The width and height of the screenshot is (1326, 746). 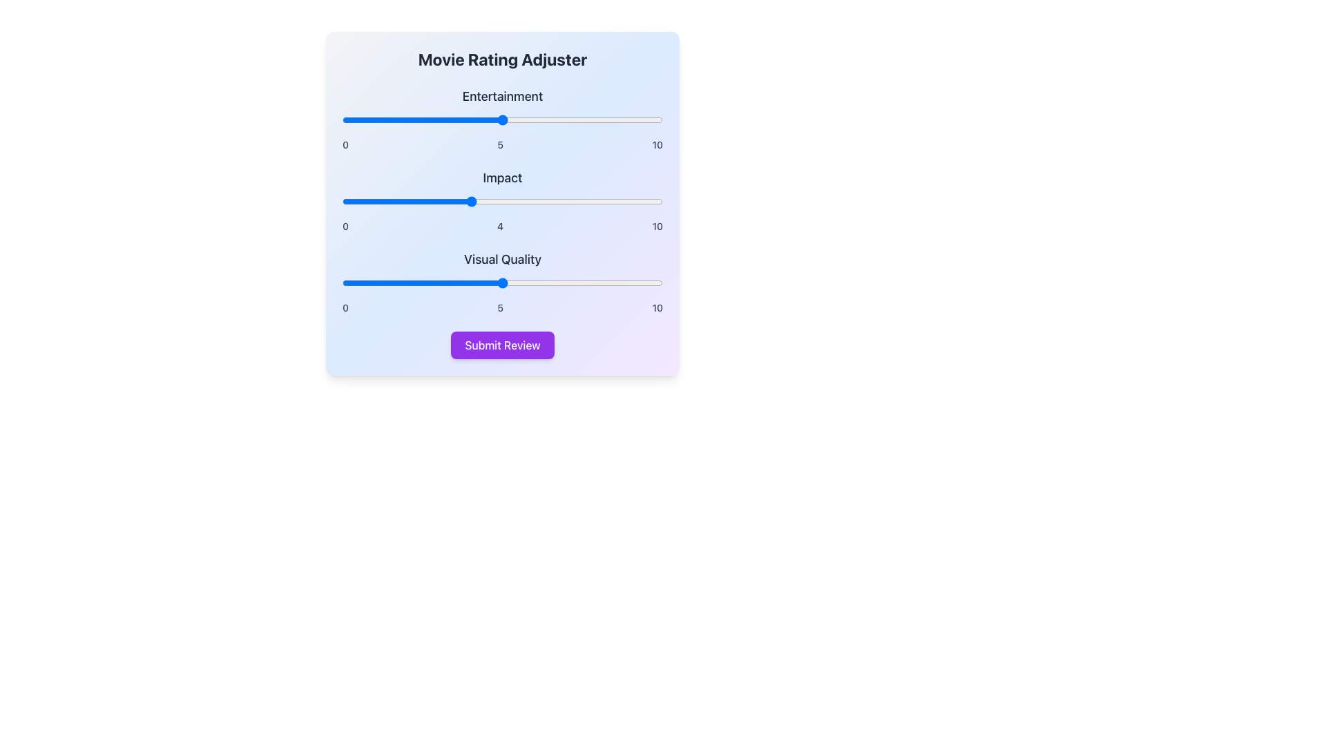 I want to click on the entertainment value, so click(x=470, y=119).